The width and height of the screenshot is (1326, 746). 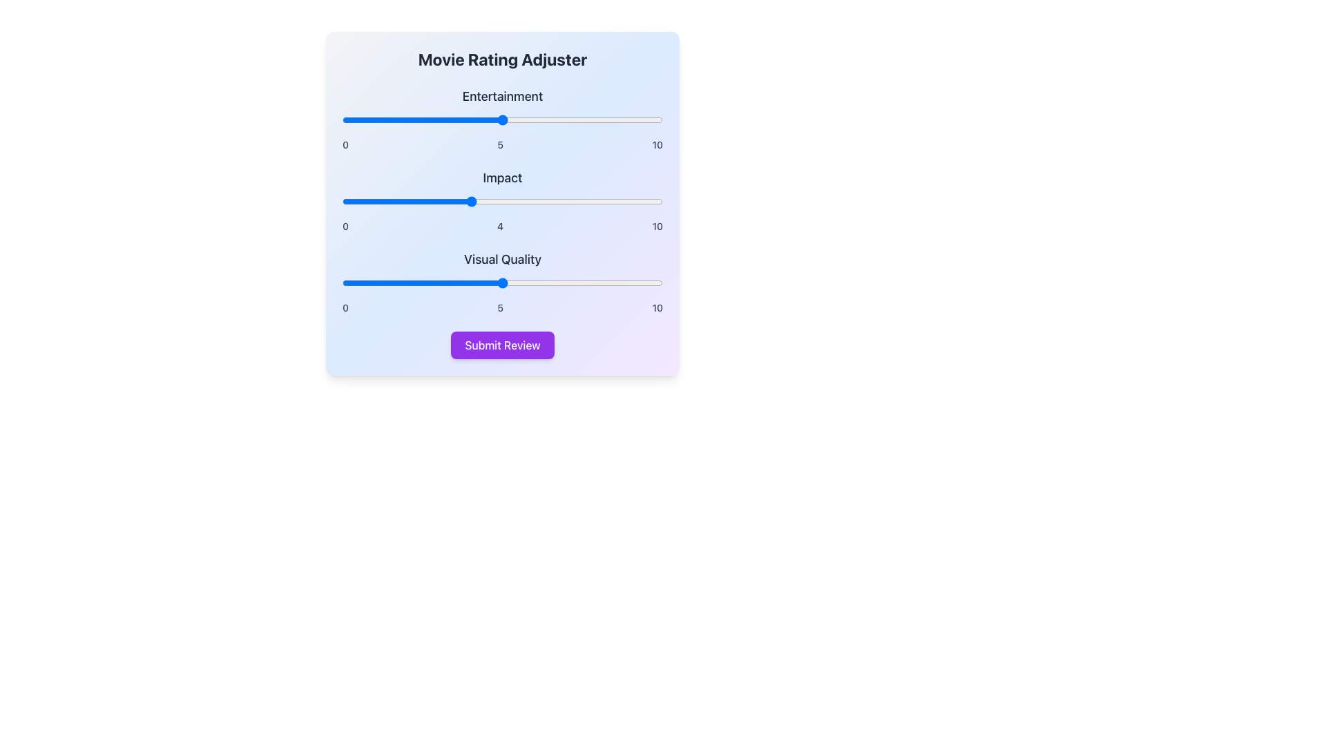 I want to click on the entertainment value, so click(x=470, y=119).